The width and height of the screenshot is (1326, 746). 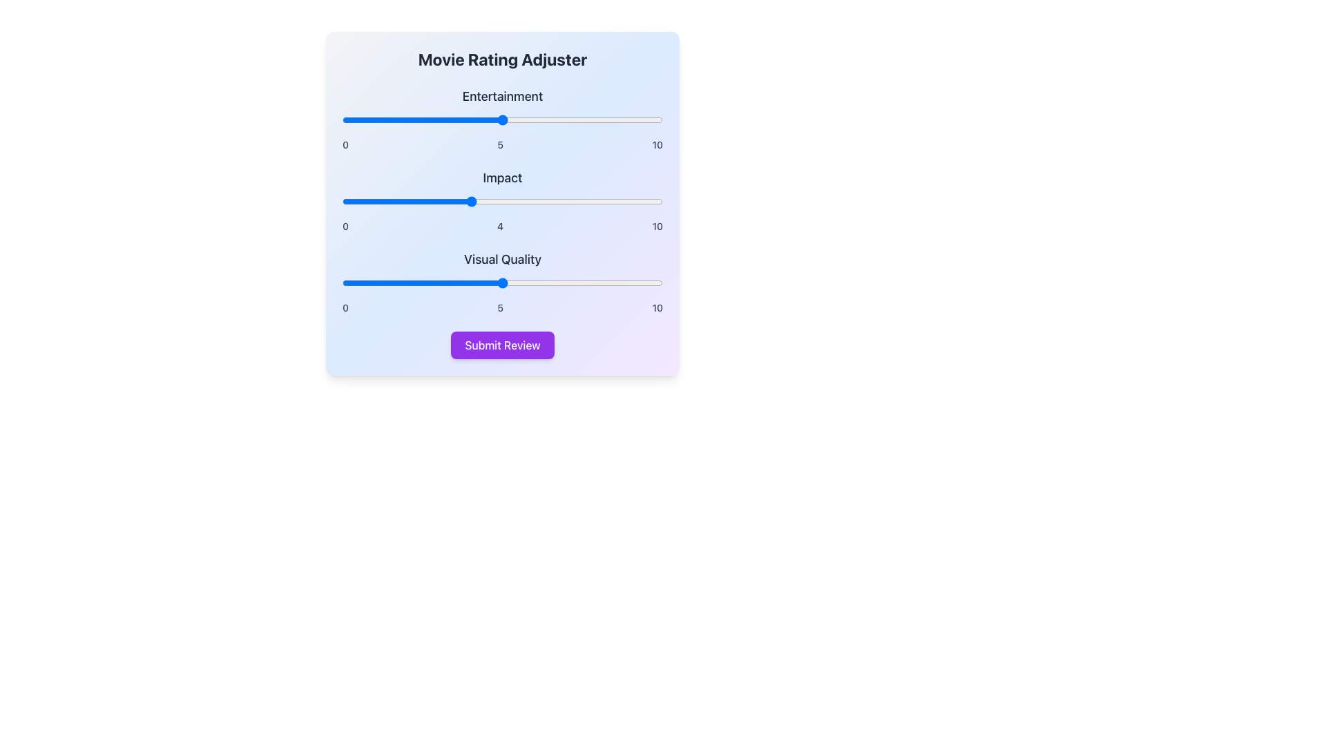 I want to click on the entertainment value, so click(x=470, y=119).